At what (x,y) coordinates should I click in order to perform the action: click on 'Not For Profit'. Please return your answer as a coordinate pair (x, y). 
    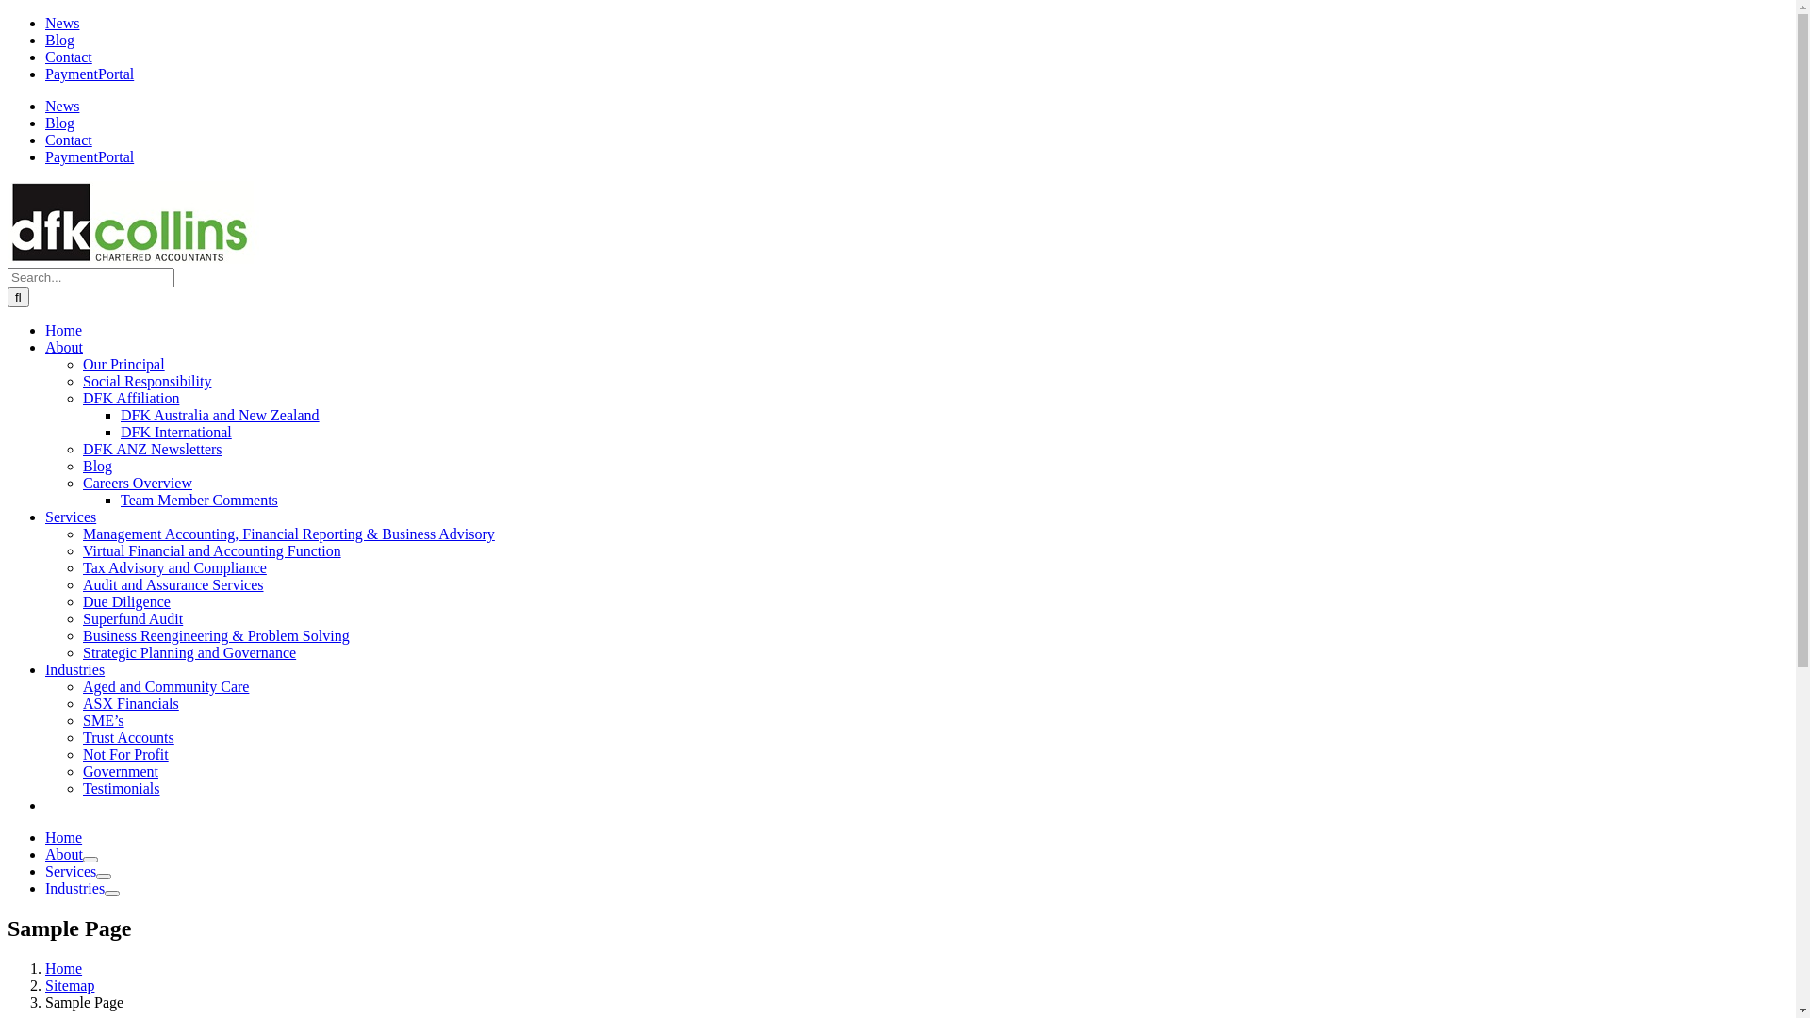
    Looking at the image, I should click on (124, 753).